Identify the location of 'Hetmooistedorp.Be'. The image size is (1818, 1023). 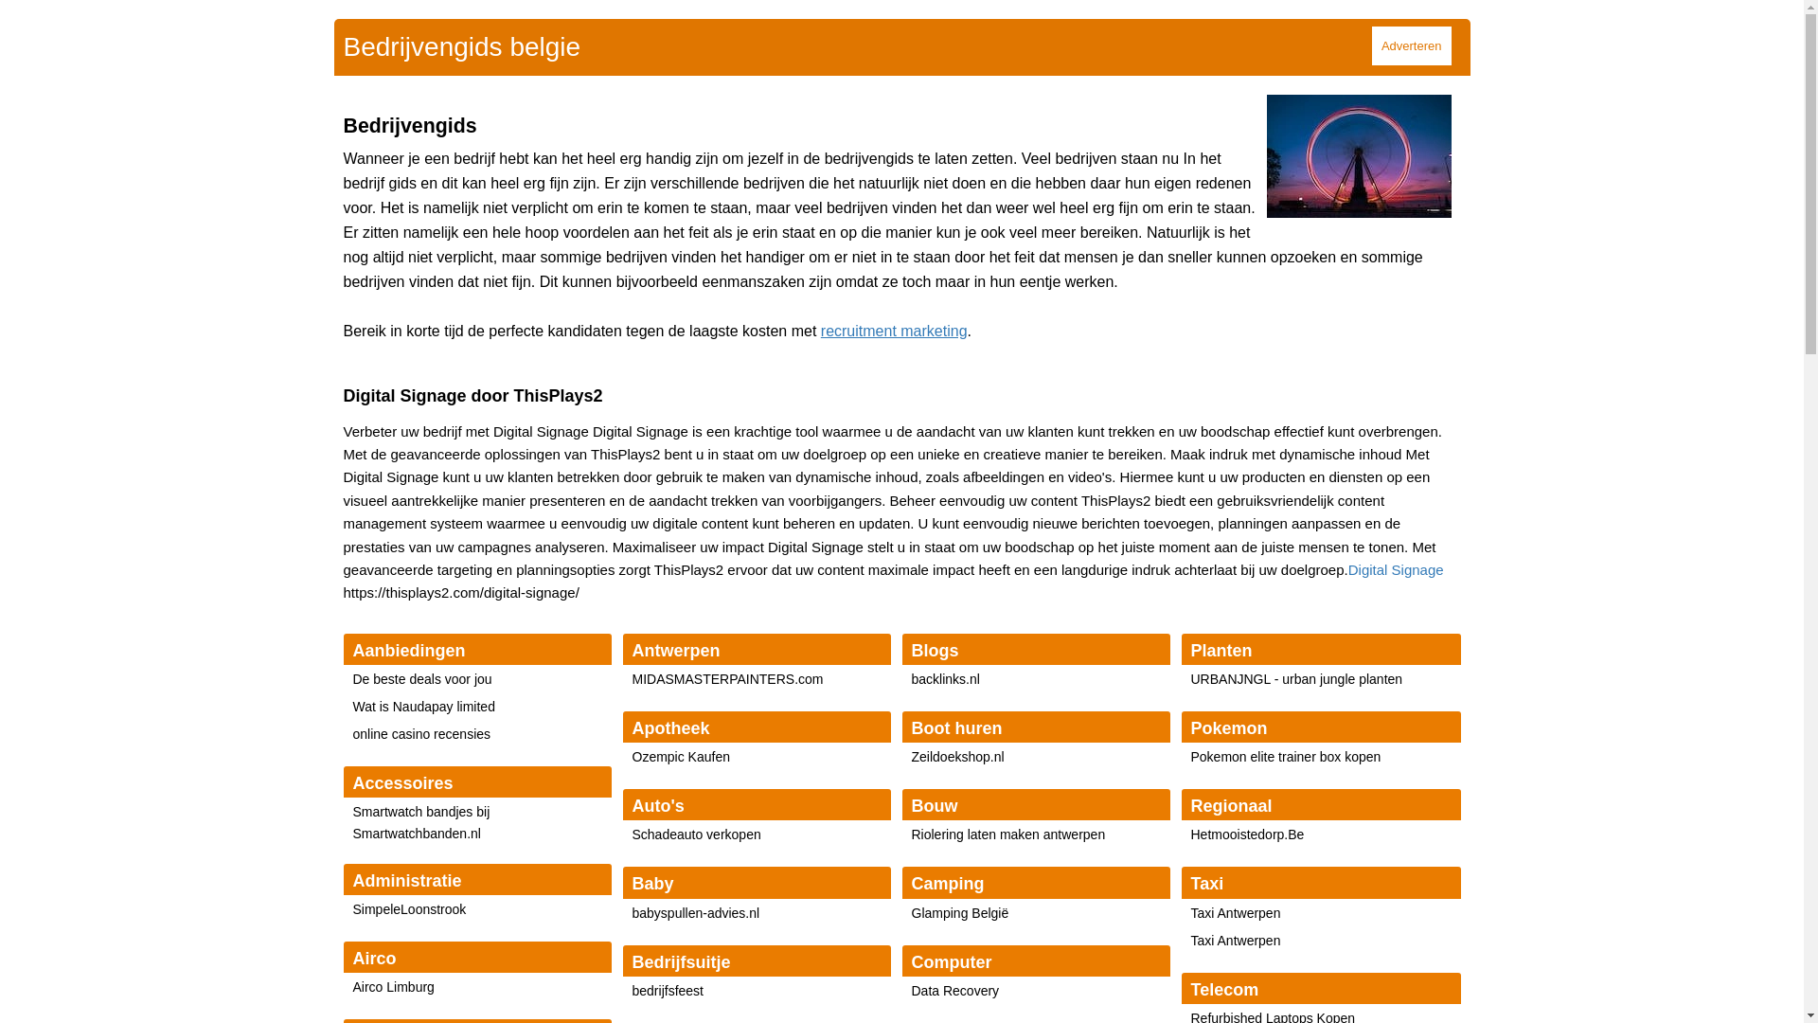
(1248, 833).